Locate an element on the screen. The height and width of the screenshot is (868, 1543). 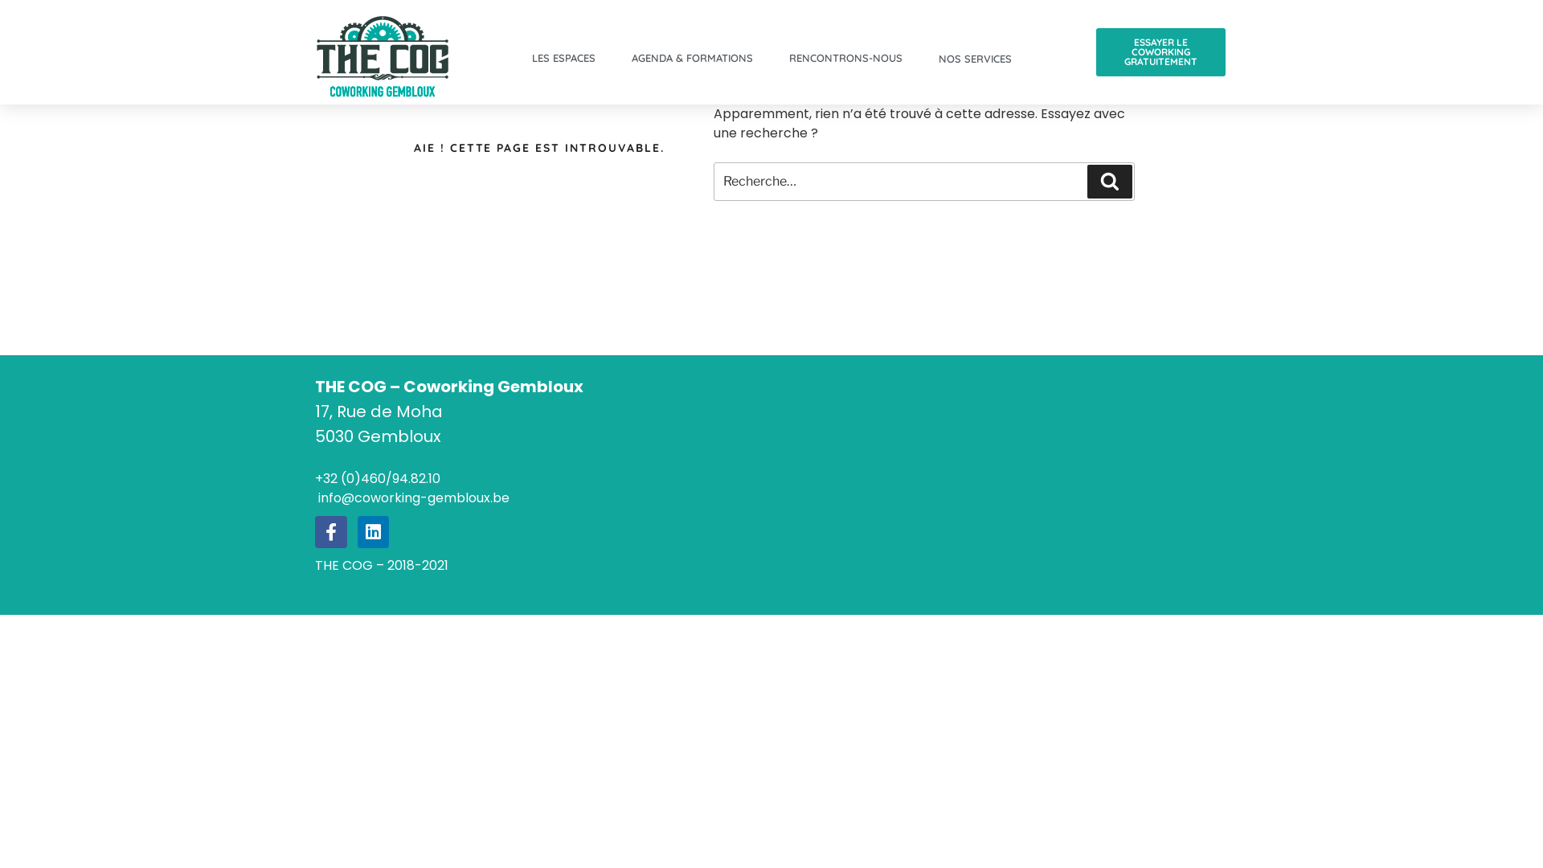
'LES ESPACES' is located at coordinates (563, 57).